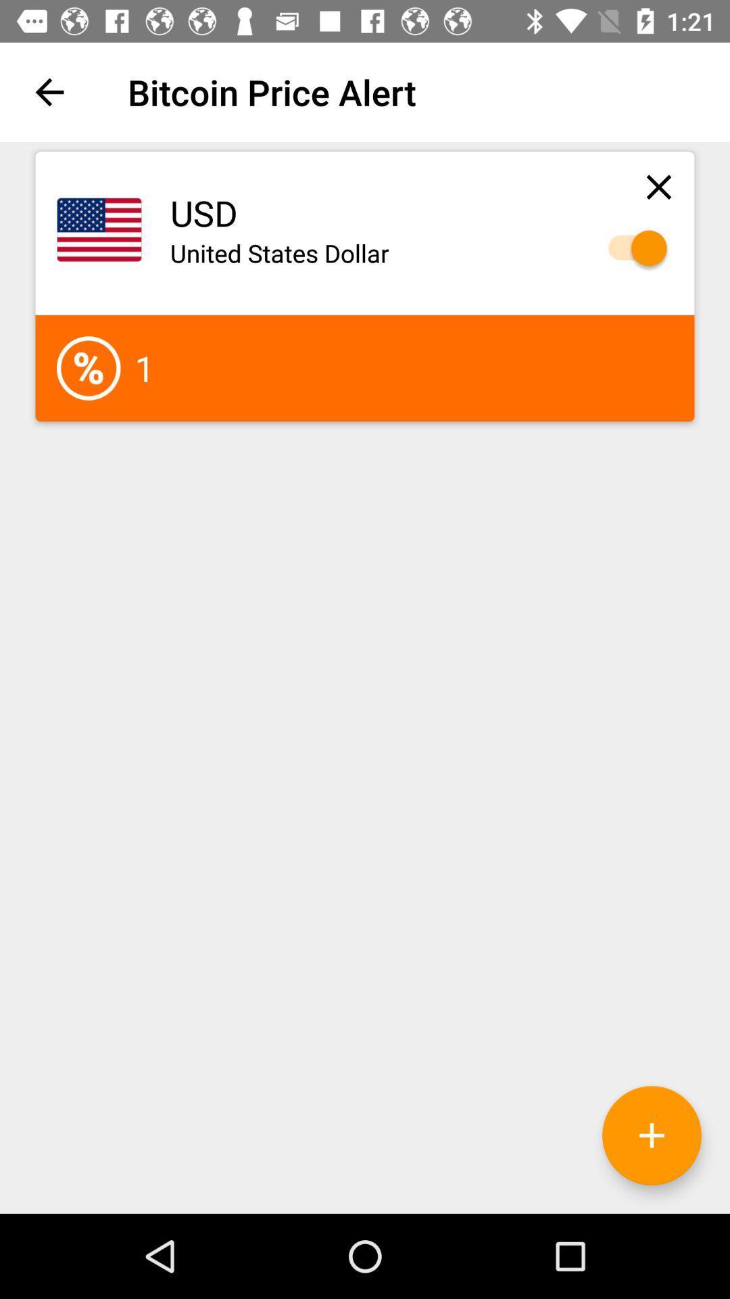 Image resolution: width=730 pixels, height=1299 pixels. Describe the element at coordinates (49, 91) in the screenshot. I see `icon next to the bitcoin price alert` at that location.